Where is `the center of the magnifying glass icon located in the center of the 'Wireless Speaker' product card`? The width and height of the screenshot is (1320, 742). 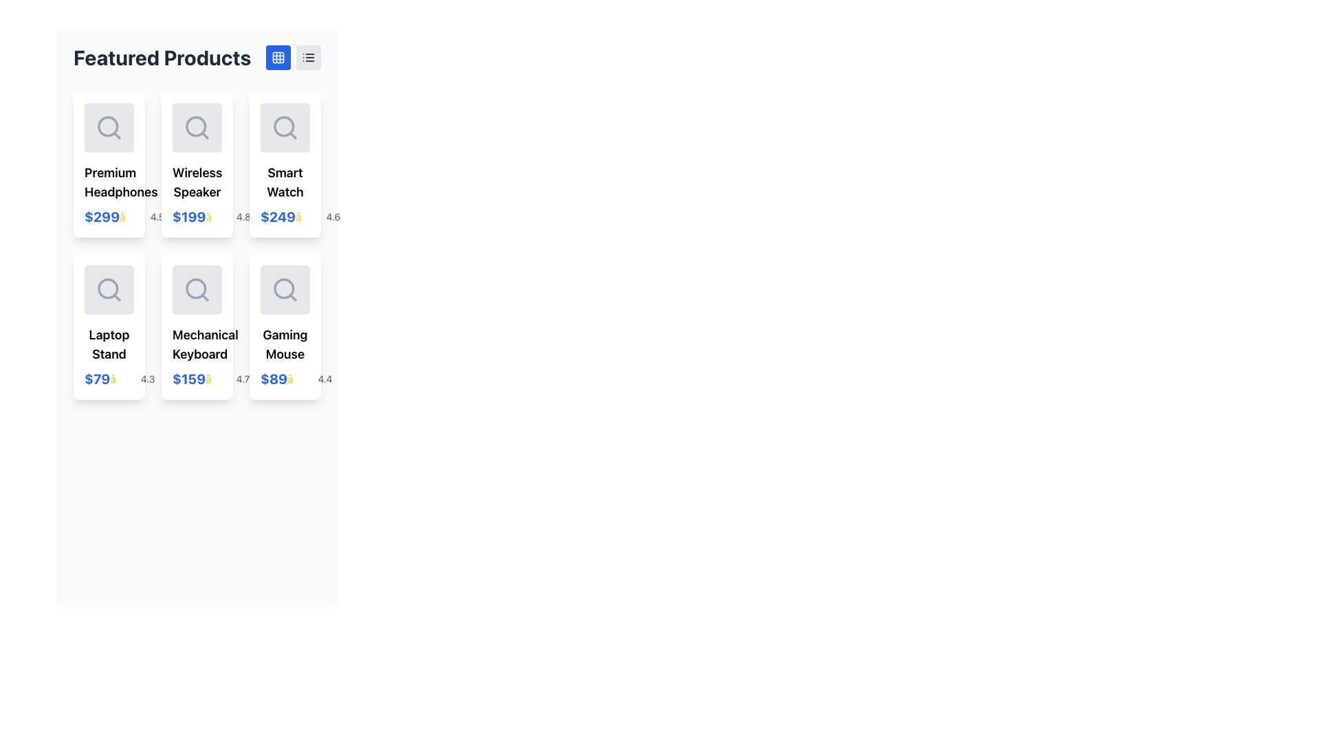 the center of the magnifying glass icon located in the center of the 'Wireless Speaker' product card is located at coordinates (197, 127).